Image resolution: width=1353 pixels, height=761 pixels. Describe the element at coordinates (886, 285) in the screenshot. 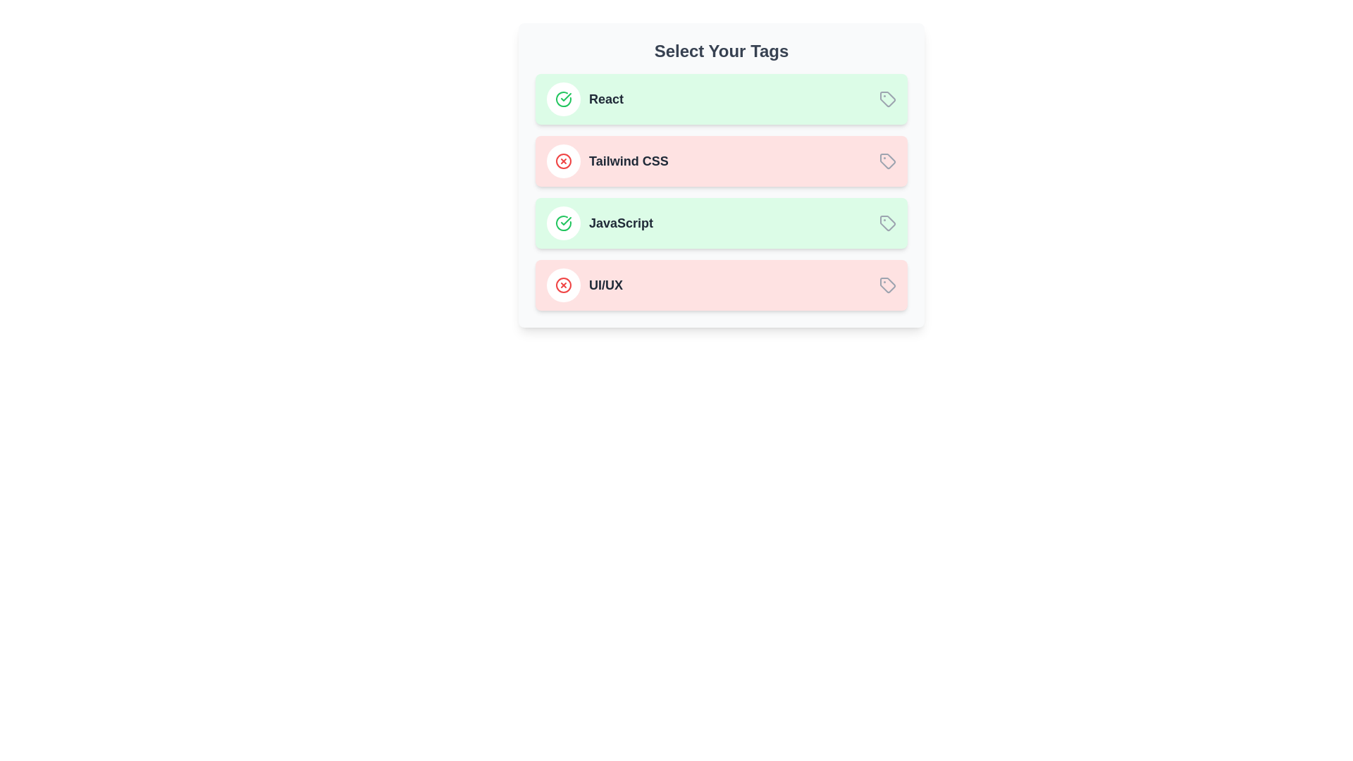

I see `the tag icon, which serves as a visual tag indicator aligned to the right of the text labels in the list items` at that location.